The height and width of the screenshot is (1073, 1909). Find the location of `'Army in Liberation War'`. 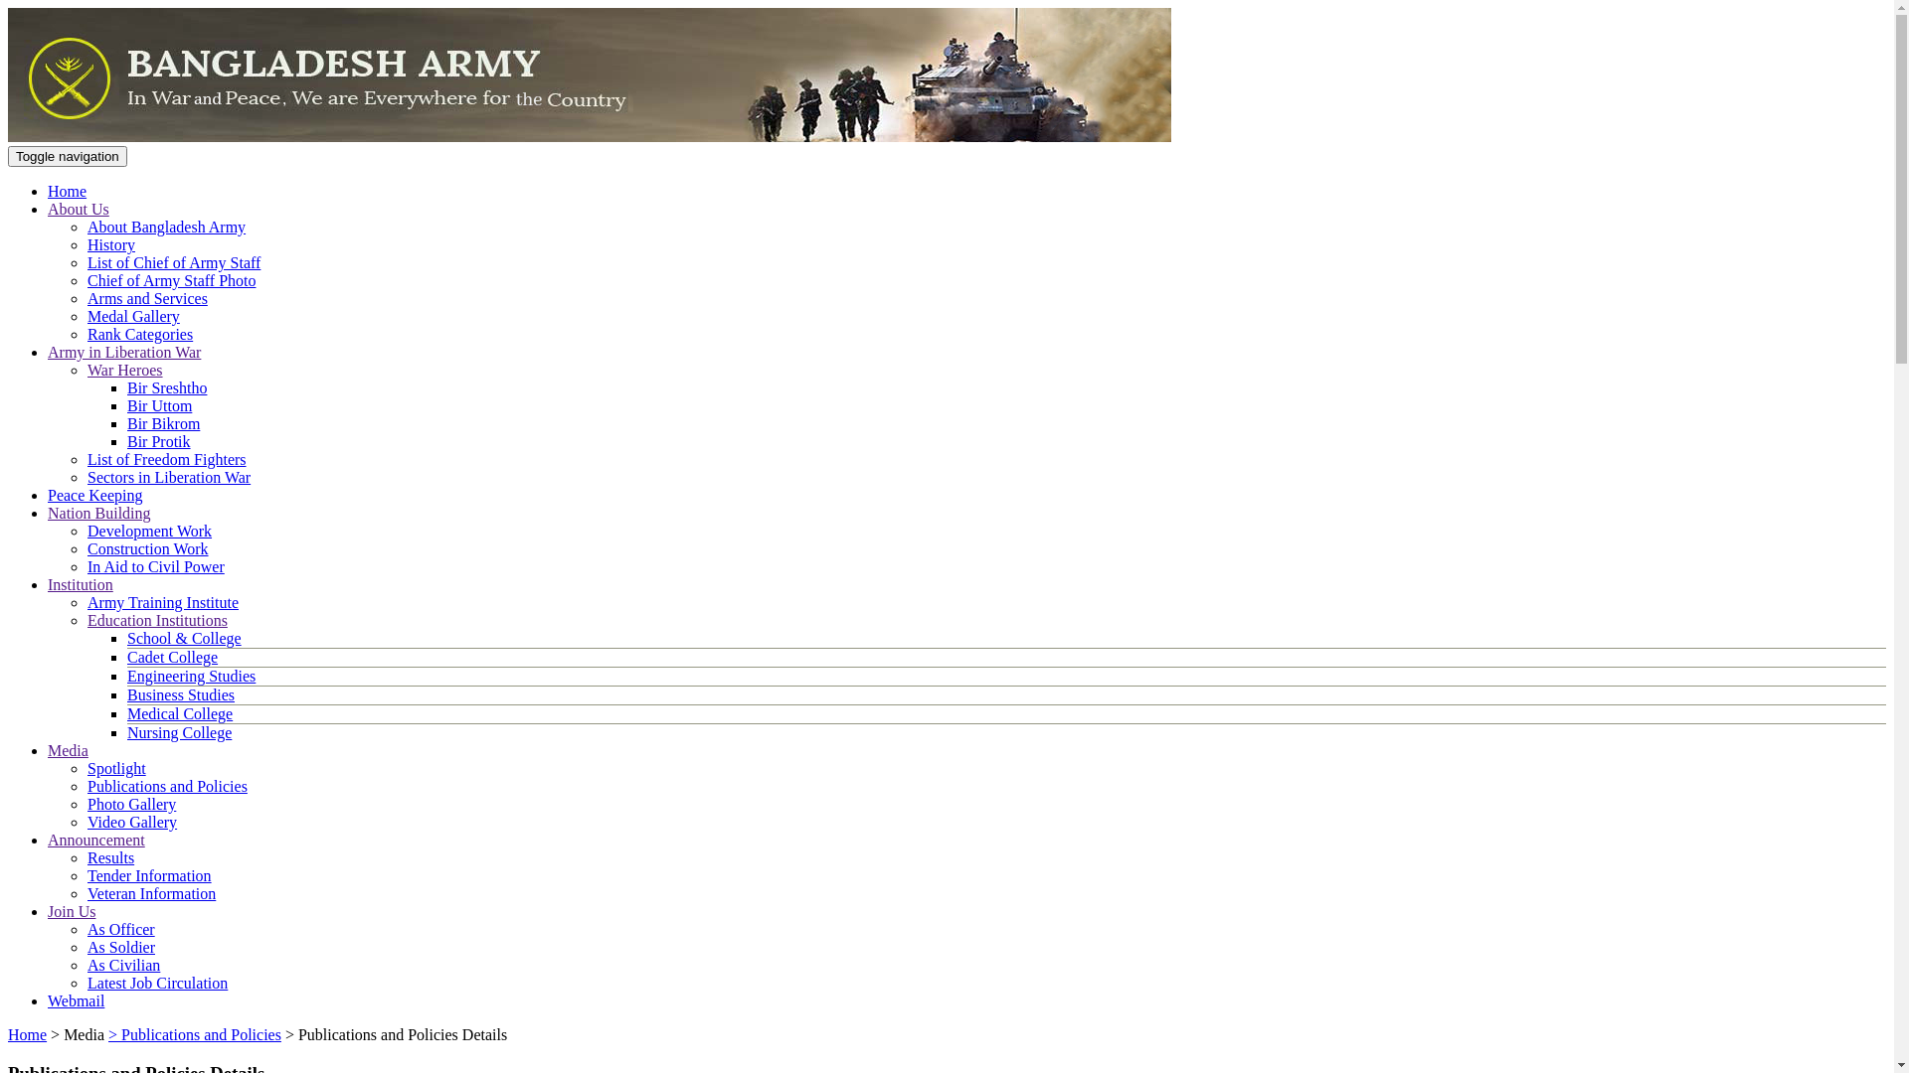

'Army in Liberation War' is located at coordinates (122, 351).